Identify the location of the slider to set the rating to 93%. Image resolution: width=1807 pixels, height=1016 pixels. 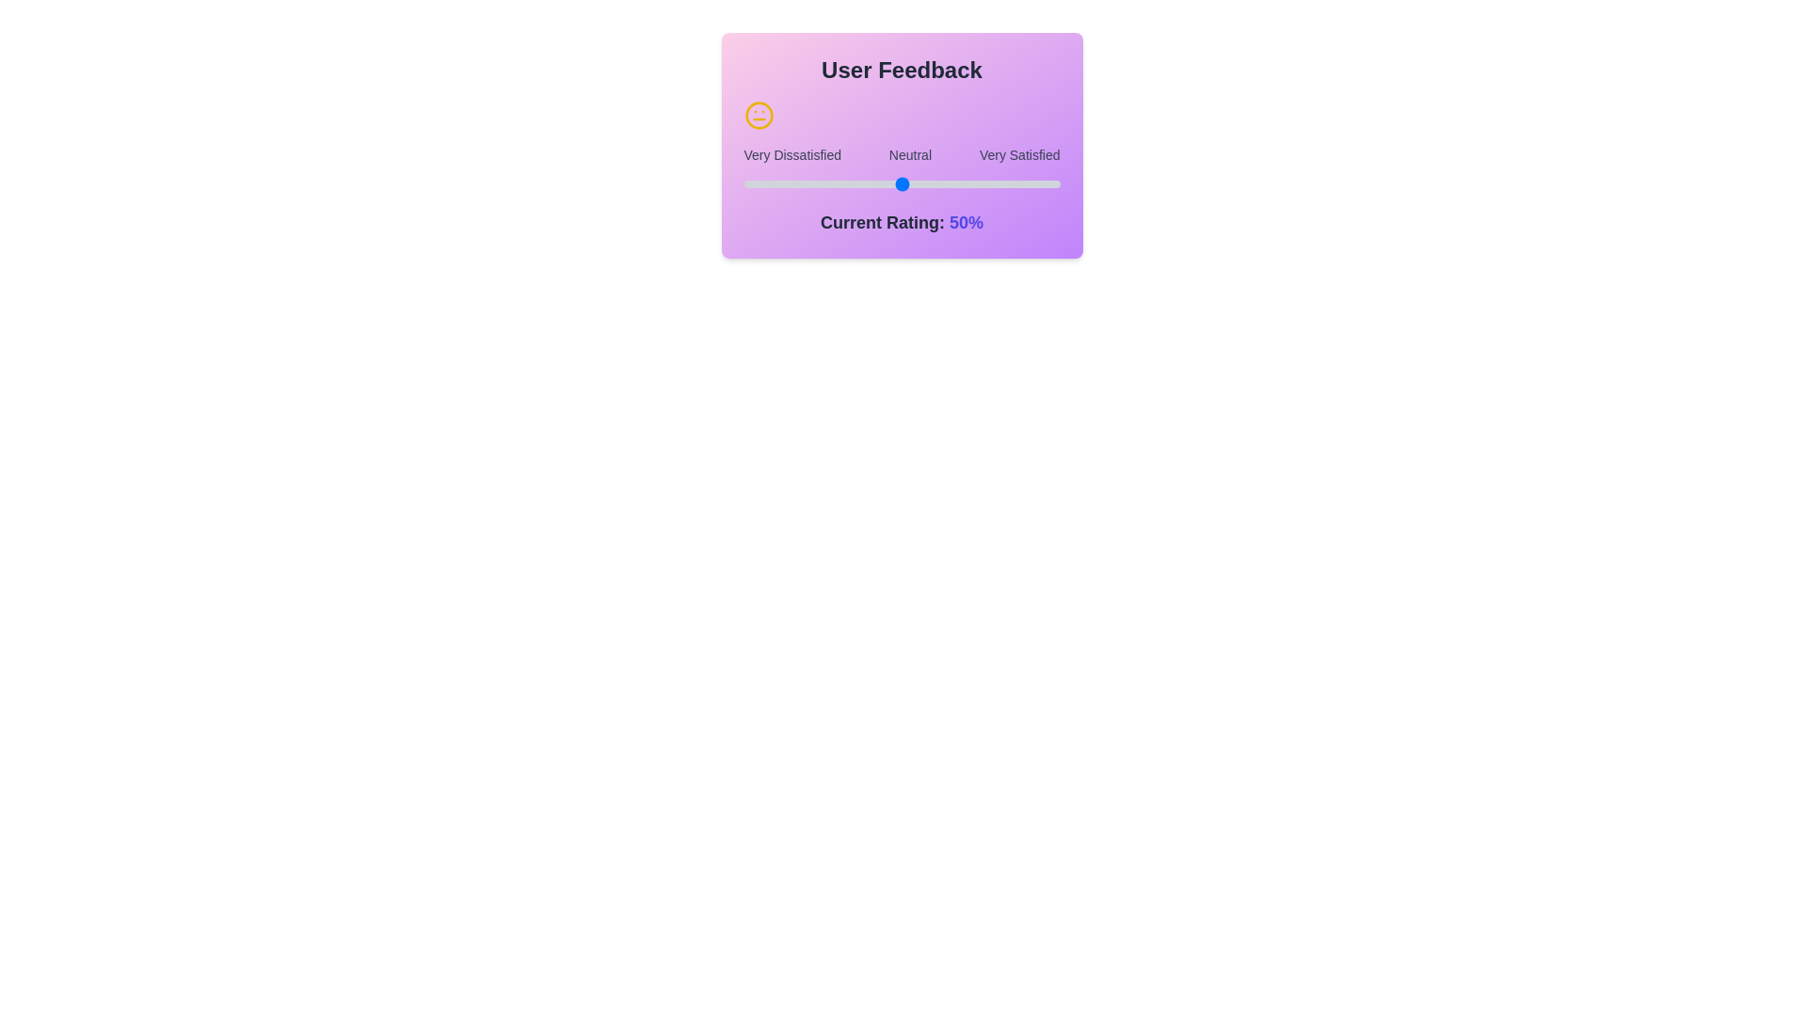
(1037, 184).